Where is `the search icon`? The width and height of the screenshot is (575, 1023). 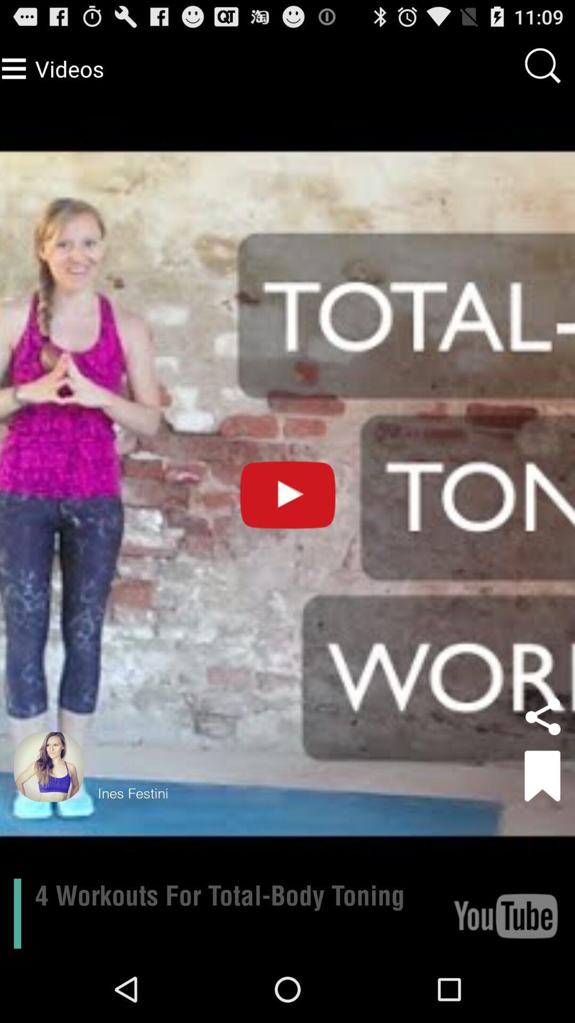 the search icon is located at coordinates (525, 80).